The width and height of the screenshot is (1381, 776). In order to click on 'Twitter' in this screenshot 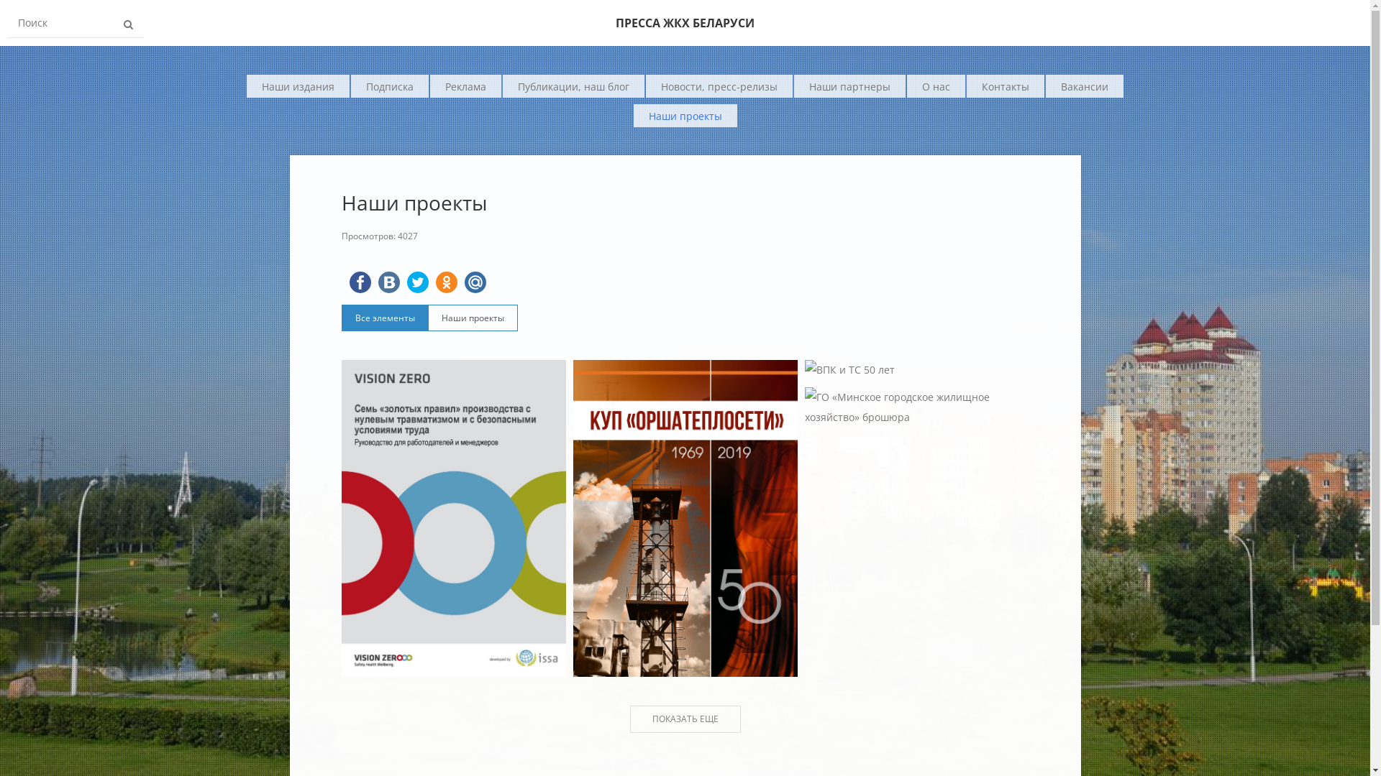, I will do `click(406, 282)`.